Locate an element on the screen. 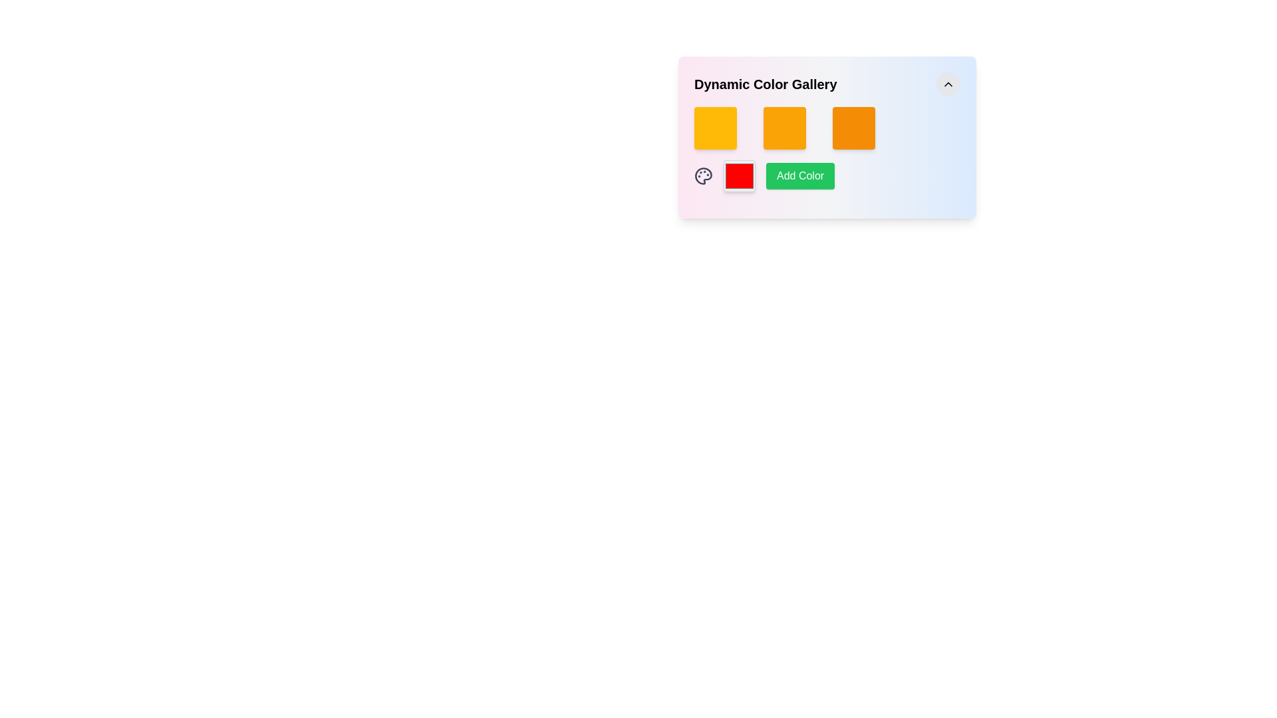 Image resolution: width=1277 pixels, height=718 pixels. the button that allows users to add a color to a gallery, located to the right of a red square swatch and below a row of orange color swatches is located at coordinates (799, 176).